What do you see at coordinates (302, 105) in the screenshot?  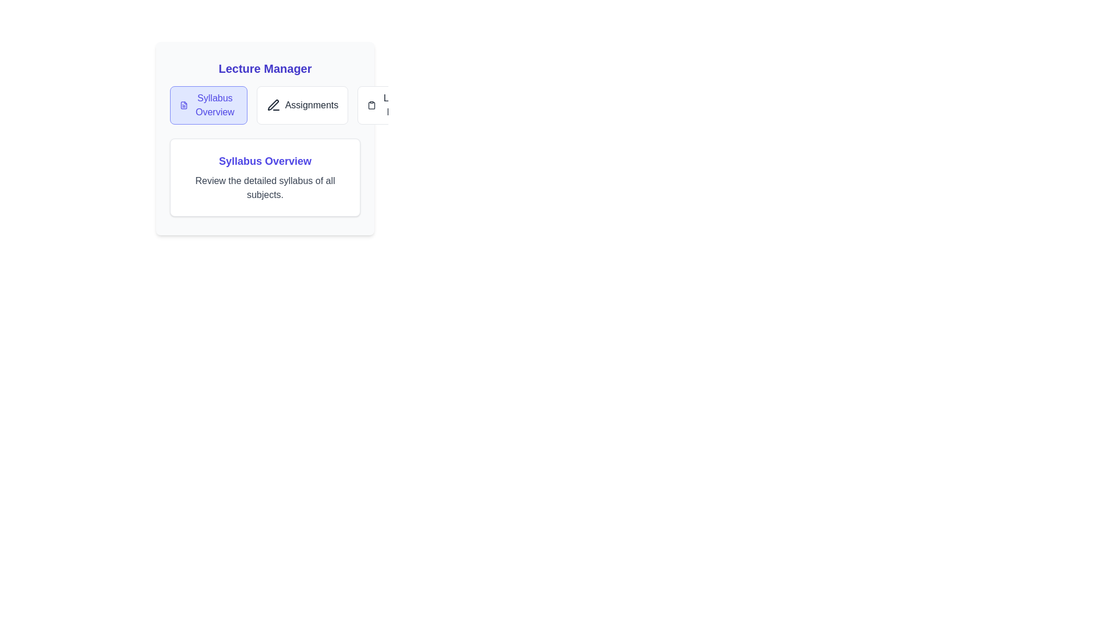 I see `the 'Assignments' button, which is a rectangular button with rounded corners, a white background, and the text 'Assignments' in a dark, bold font` at bounding box center [302, 105].